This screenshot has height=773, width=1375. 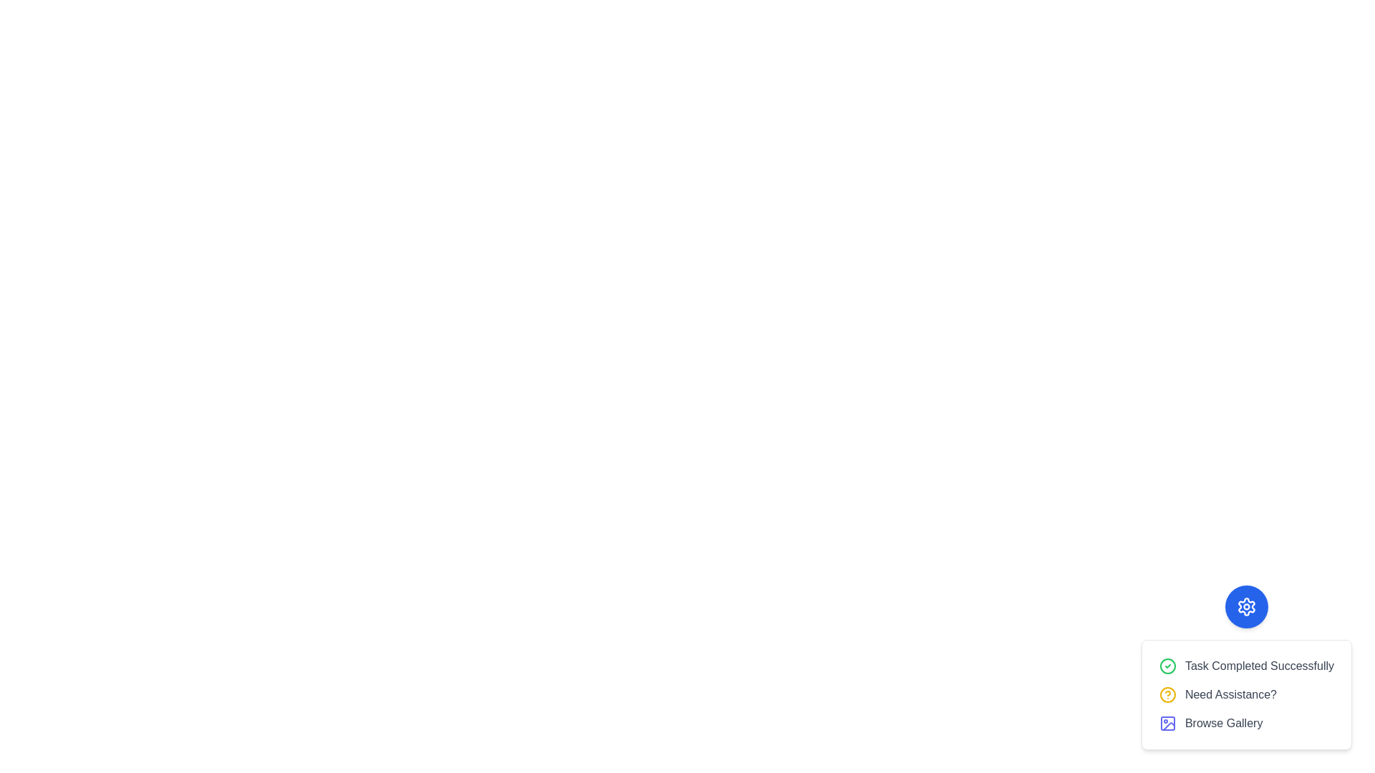 What do you see at coordinates (1167, 723) in the screenshot?
I see `the 'Browse Gallery' icon located to the left of the 'Browse Gallery' text in the vertically stacked menu on the lower right part of the interface` at bounding box center [1167, 723].